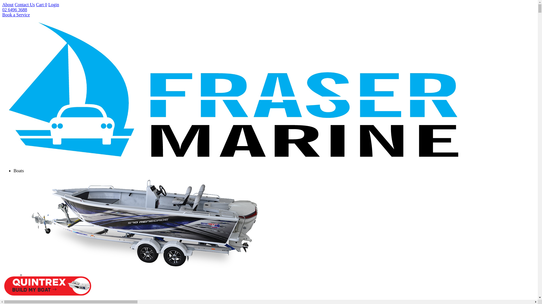  I want to click on 'Login', so click(54, 5).